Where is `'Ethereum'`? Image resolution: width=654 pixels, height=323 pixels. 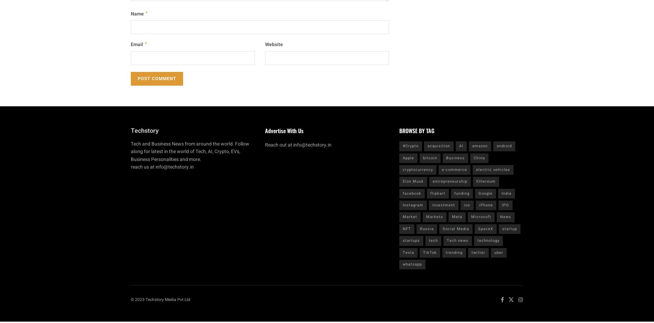
'Ethereum' is located at coordinates (486, 181).